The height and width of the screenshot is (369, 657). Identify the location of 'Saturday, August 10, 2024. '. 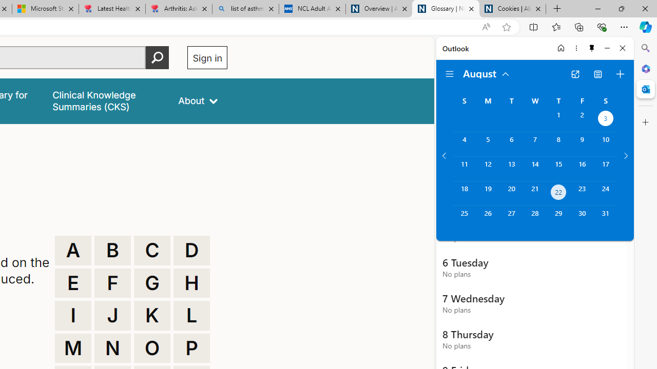
(606, 144).